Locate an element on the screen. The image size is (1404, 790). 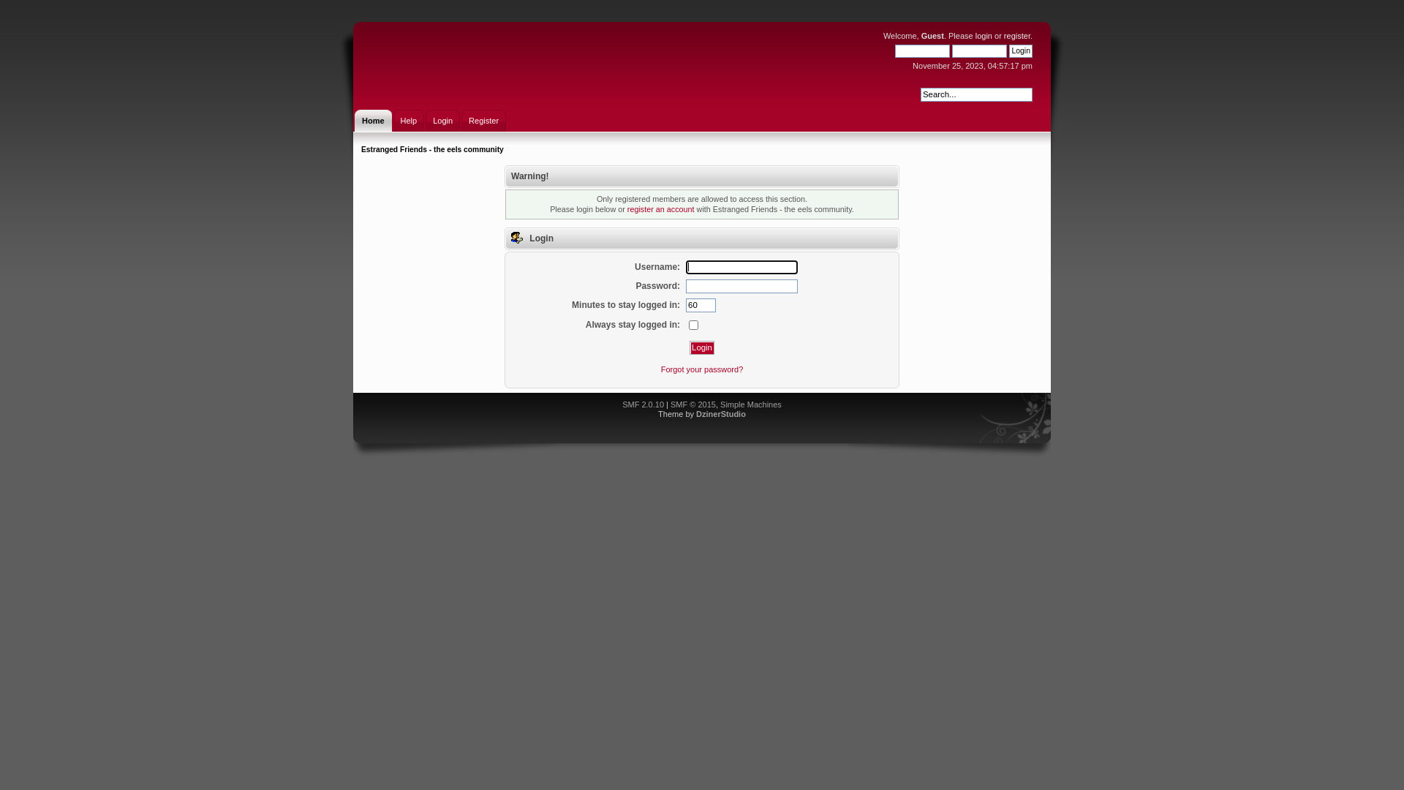
'DzinerStudio' is located at coordinates (720, 414).